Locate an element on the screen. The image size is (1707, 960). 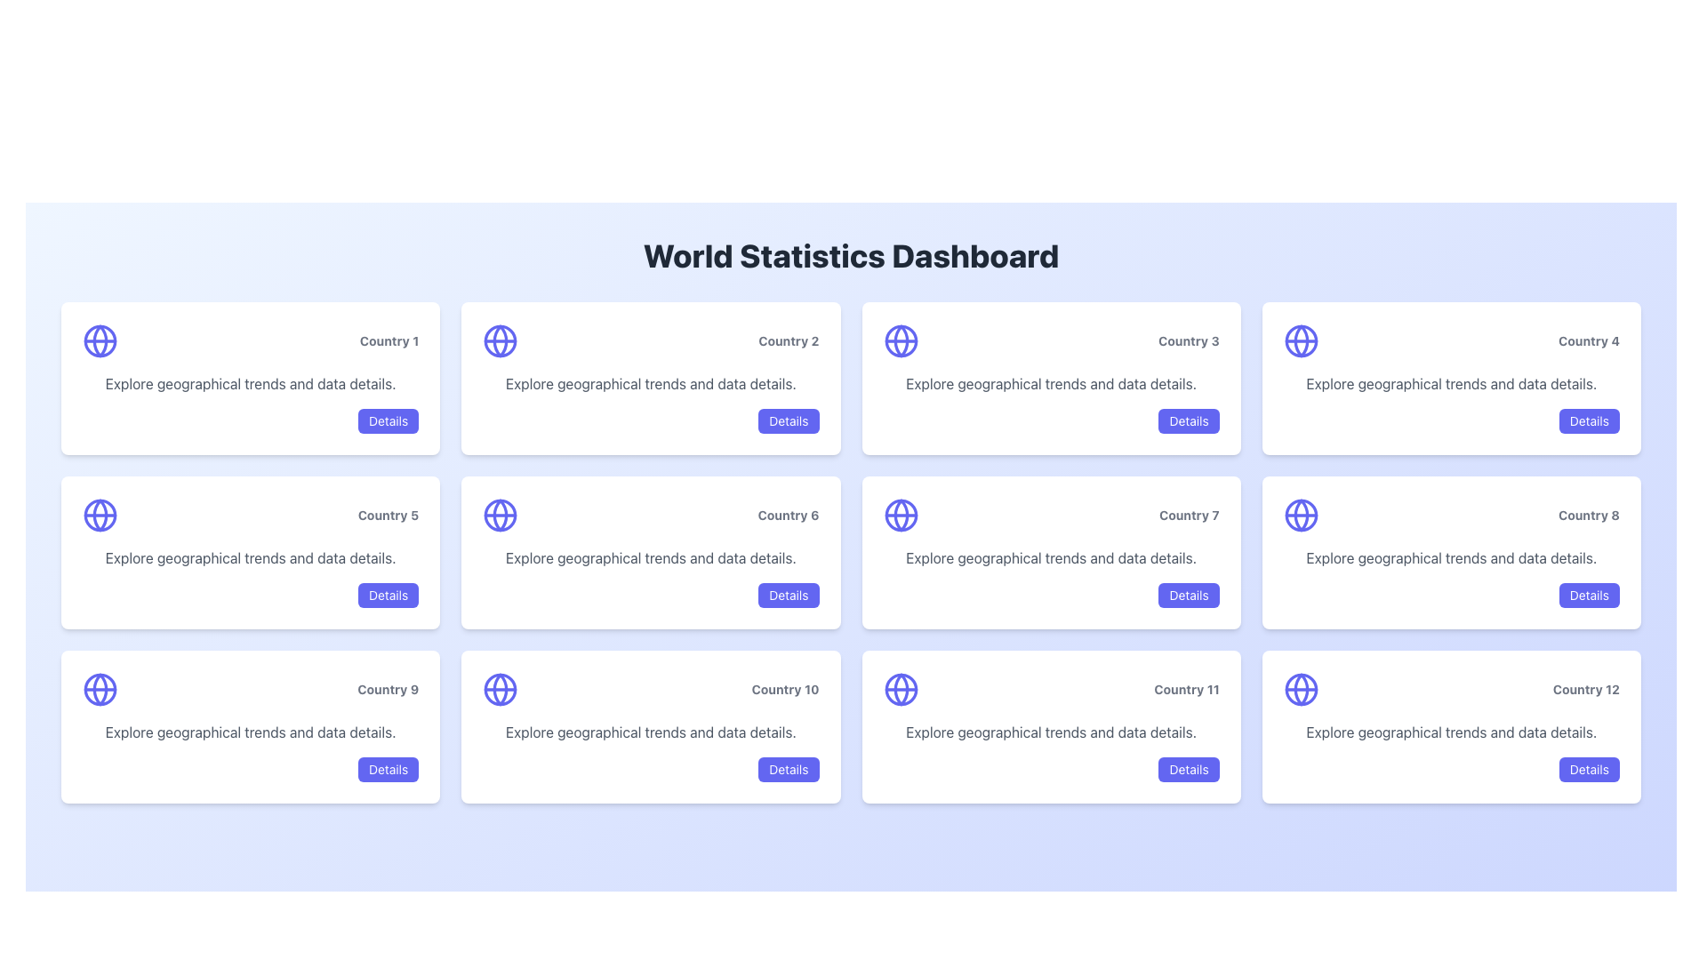
the decorative SVG Circle located in the 'Country 6' section of the globe icon at the top-left of the card is located at coordinates (500, 515).